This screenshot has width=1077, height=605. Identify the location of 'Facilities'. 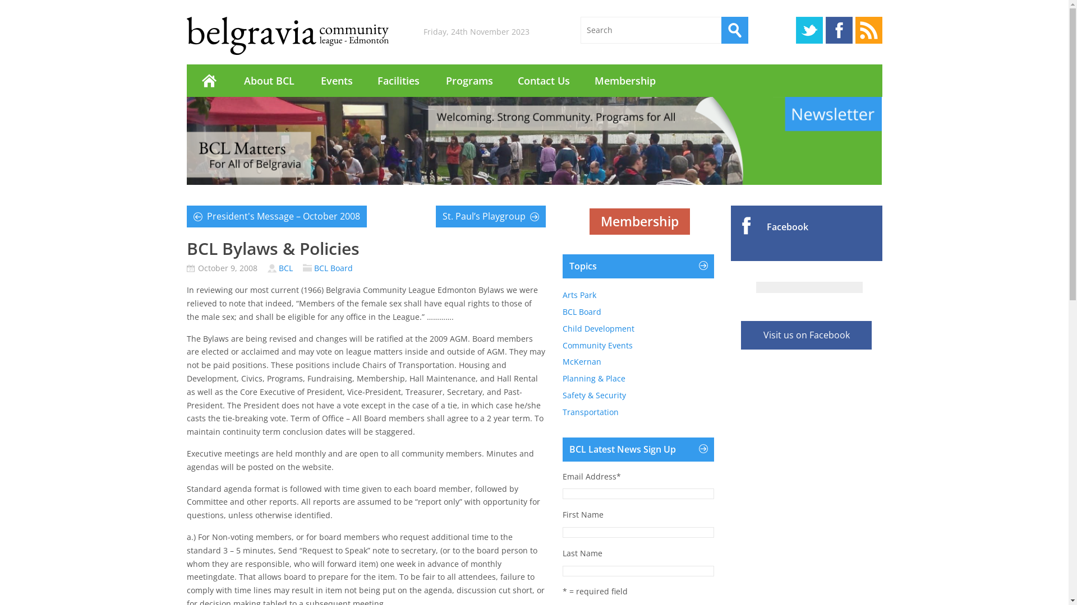
(398, 80).